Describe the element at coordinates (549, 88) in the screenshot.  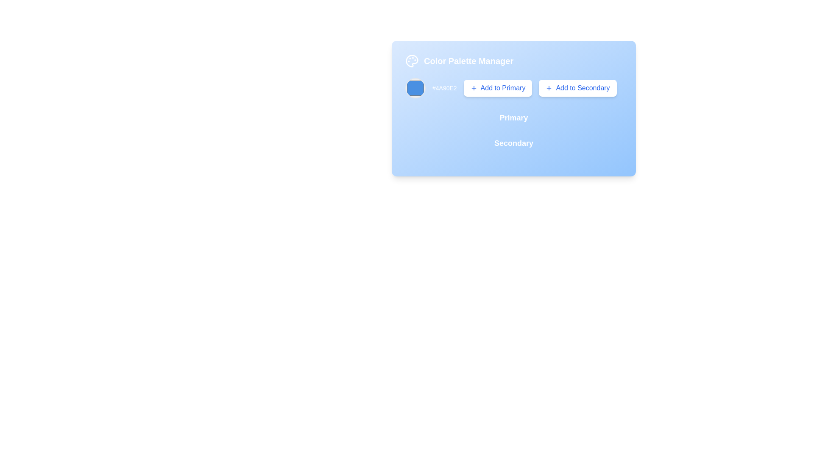
I see `the 'Add to Secondary' button, which features a small plus icon in its top-right corner` at that location.